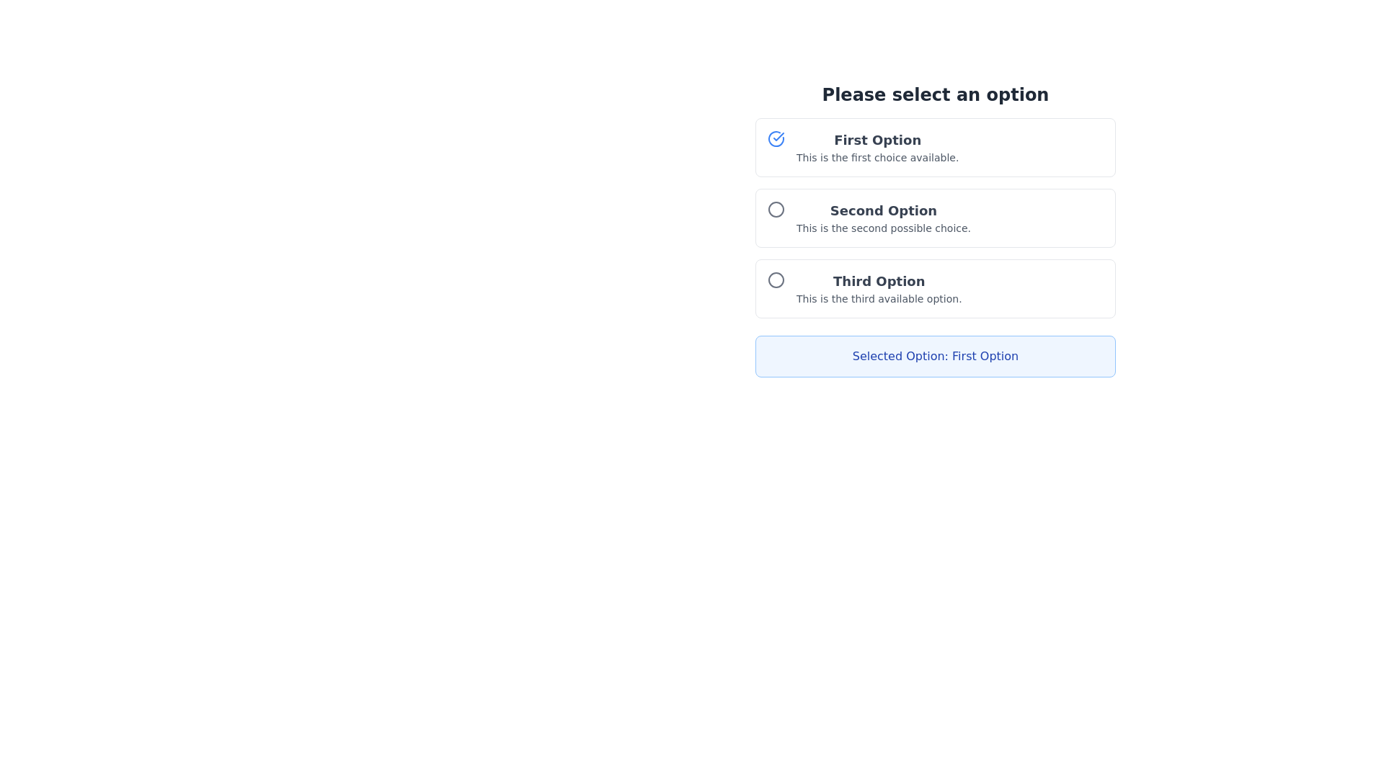 This screenshot has width=1384, height=778. What do you see at coordinates (775, 209) in the screenshot?
I see `the deselected radio button indicator representing the 'Second Option' in the vertical list of radio button-like elements` at bounding box center [775, 209].